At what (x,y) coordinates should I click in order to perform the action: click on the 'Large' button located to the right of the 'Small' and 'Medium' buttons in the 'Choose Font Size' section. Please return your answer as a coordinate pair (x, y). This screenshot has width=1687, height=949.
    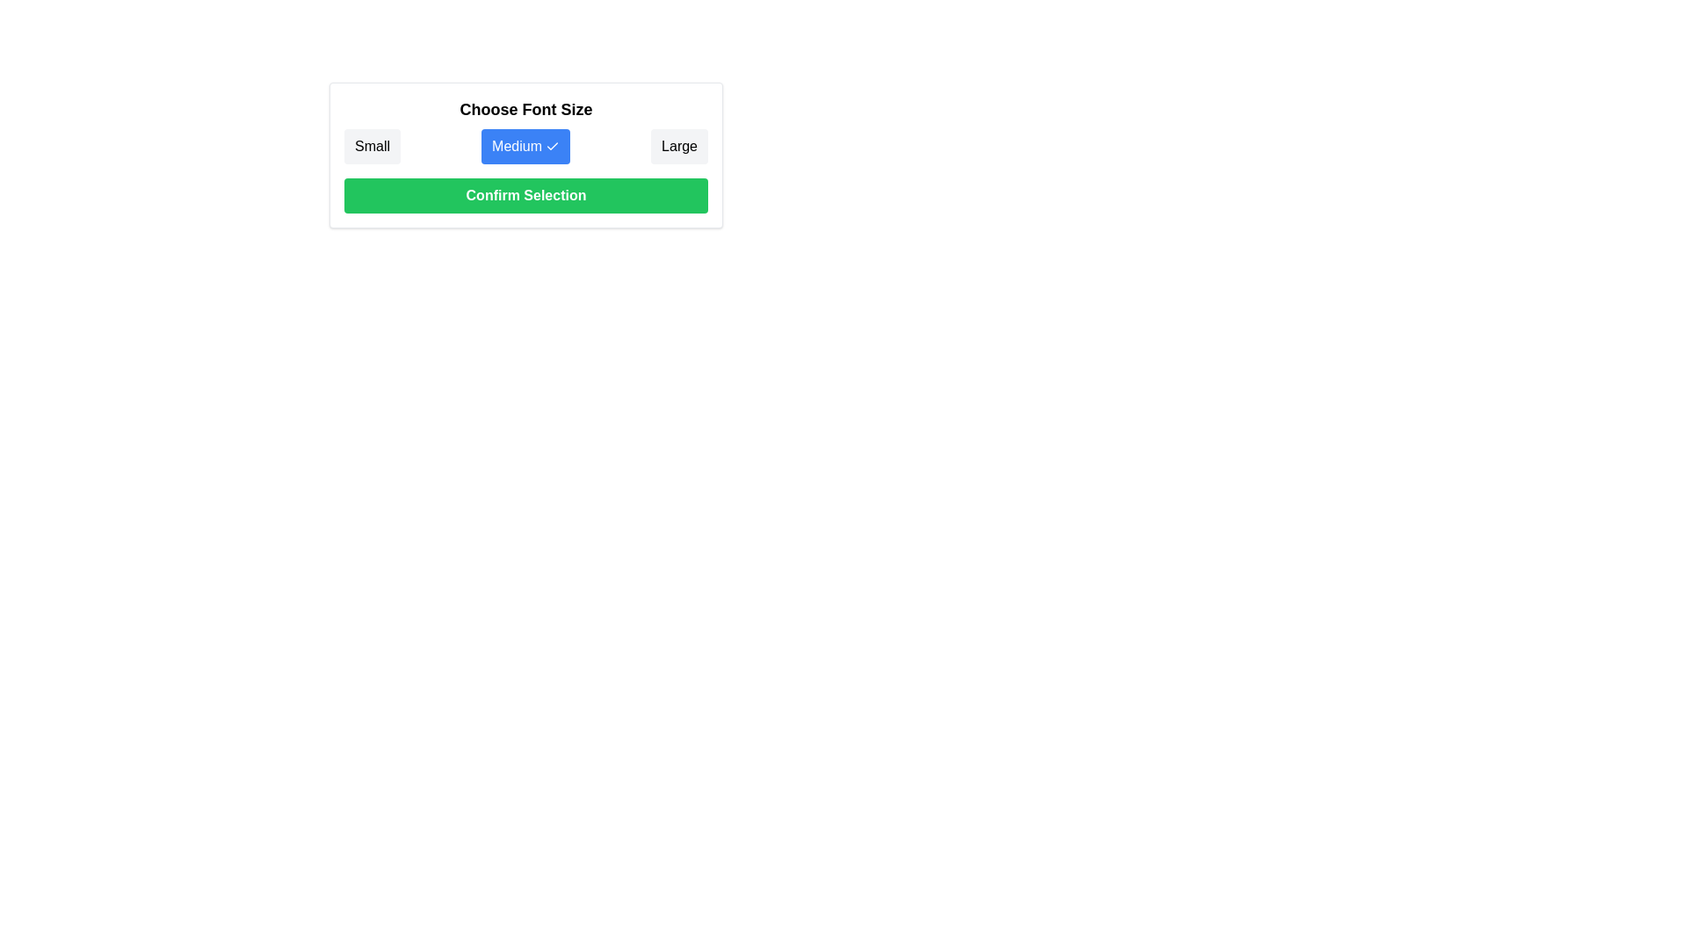
    Looking at the image, I should click on (678, 145).